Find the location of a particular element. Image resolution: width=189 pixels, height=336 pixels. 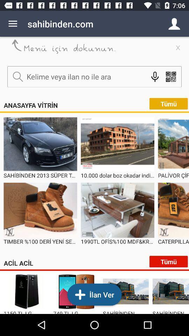

the microphone icon is located at coordinates (155, 77).